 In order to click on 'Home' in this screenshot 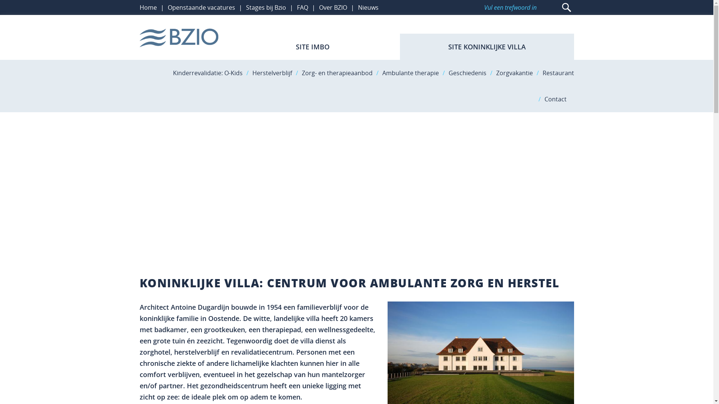, I will do `click(148, 7)`.